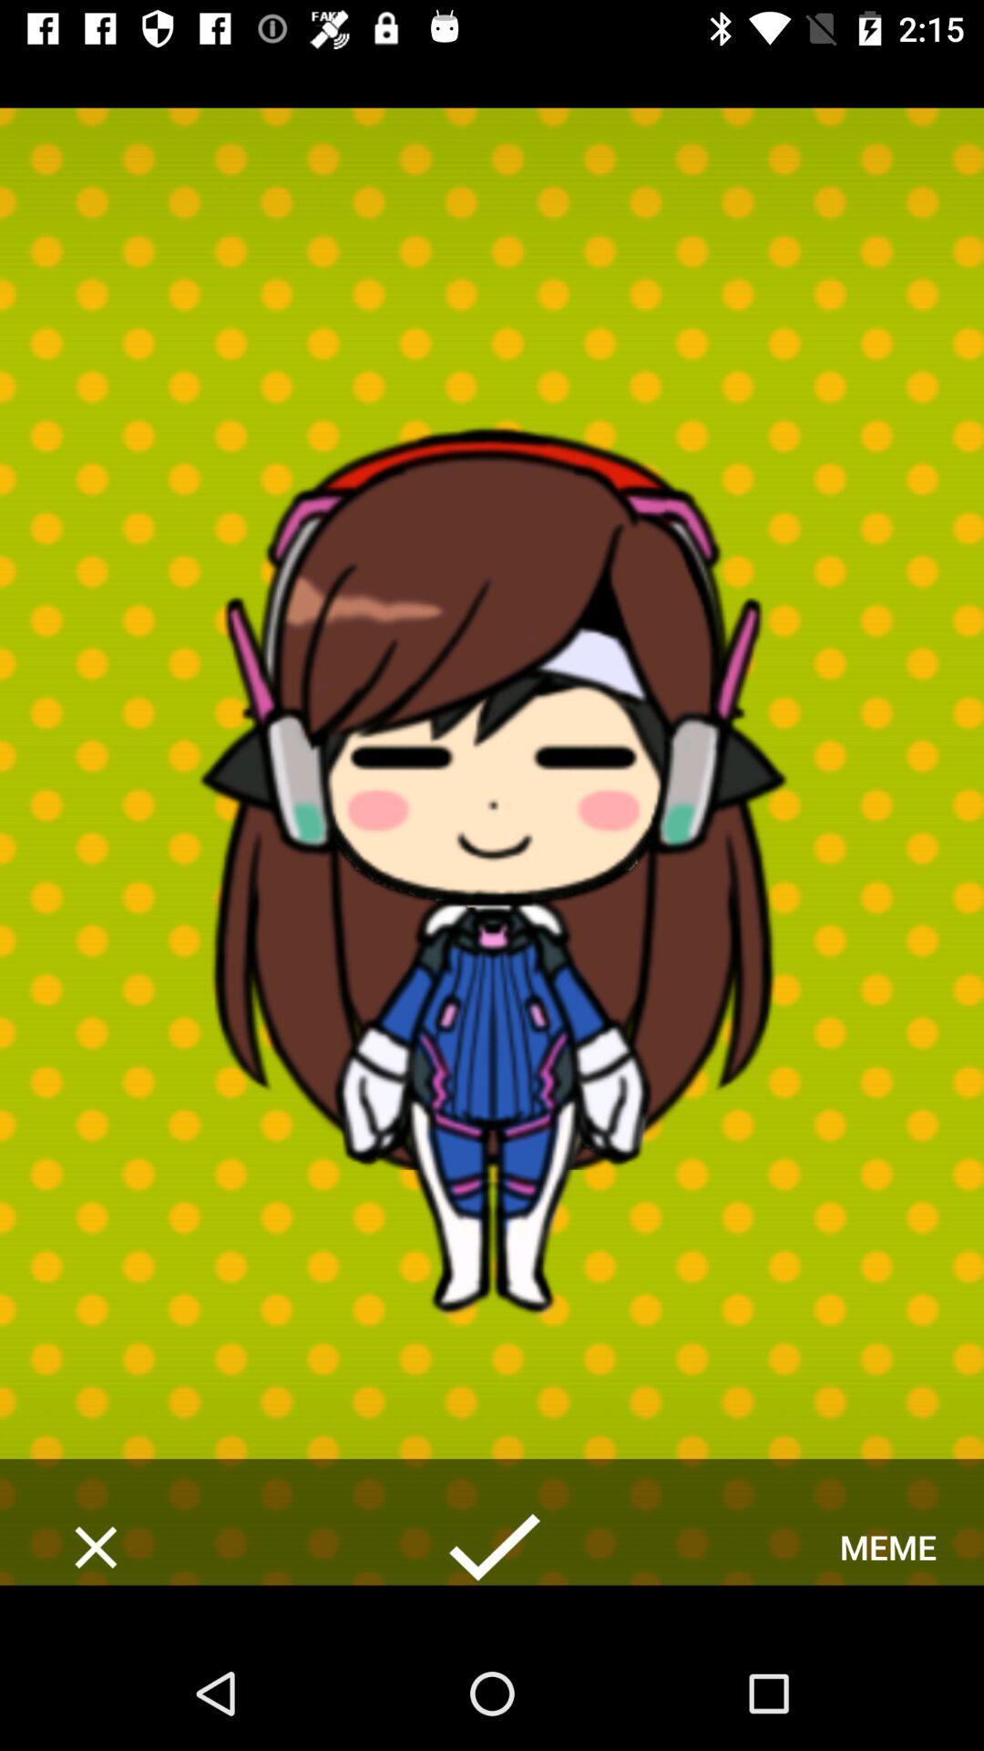 The image size is (984, 1751). What do you see at coordinates (492, 1546) in the screenshot?
I see `the check icon` at bounding box center [492, 1546].